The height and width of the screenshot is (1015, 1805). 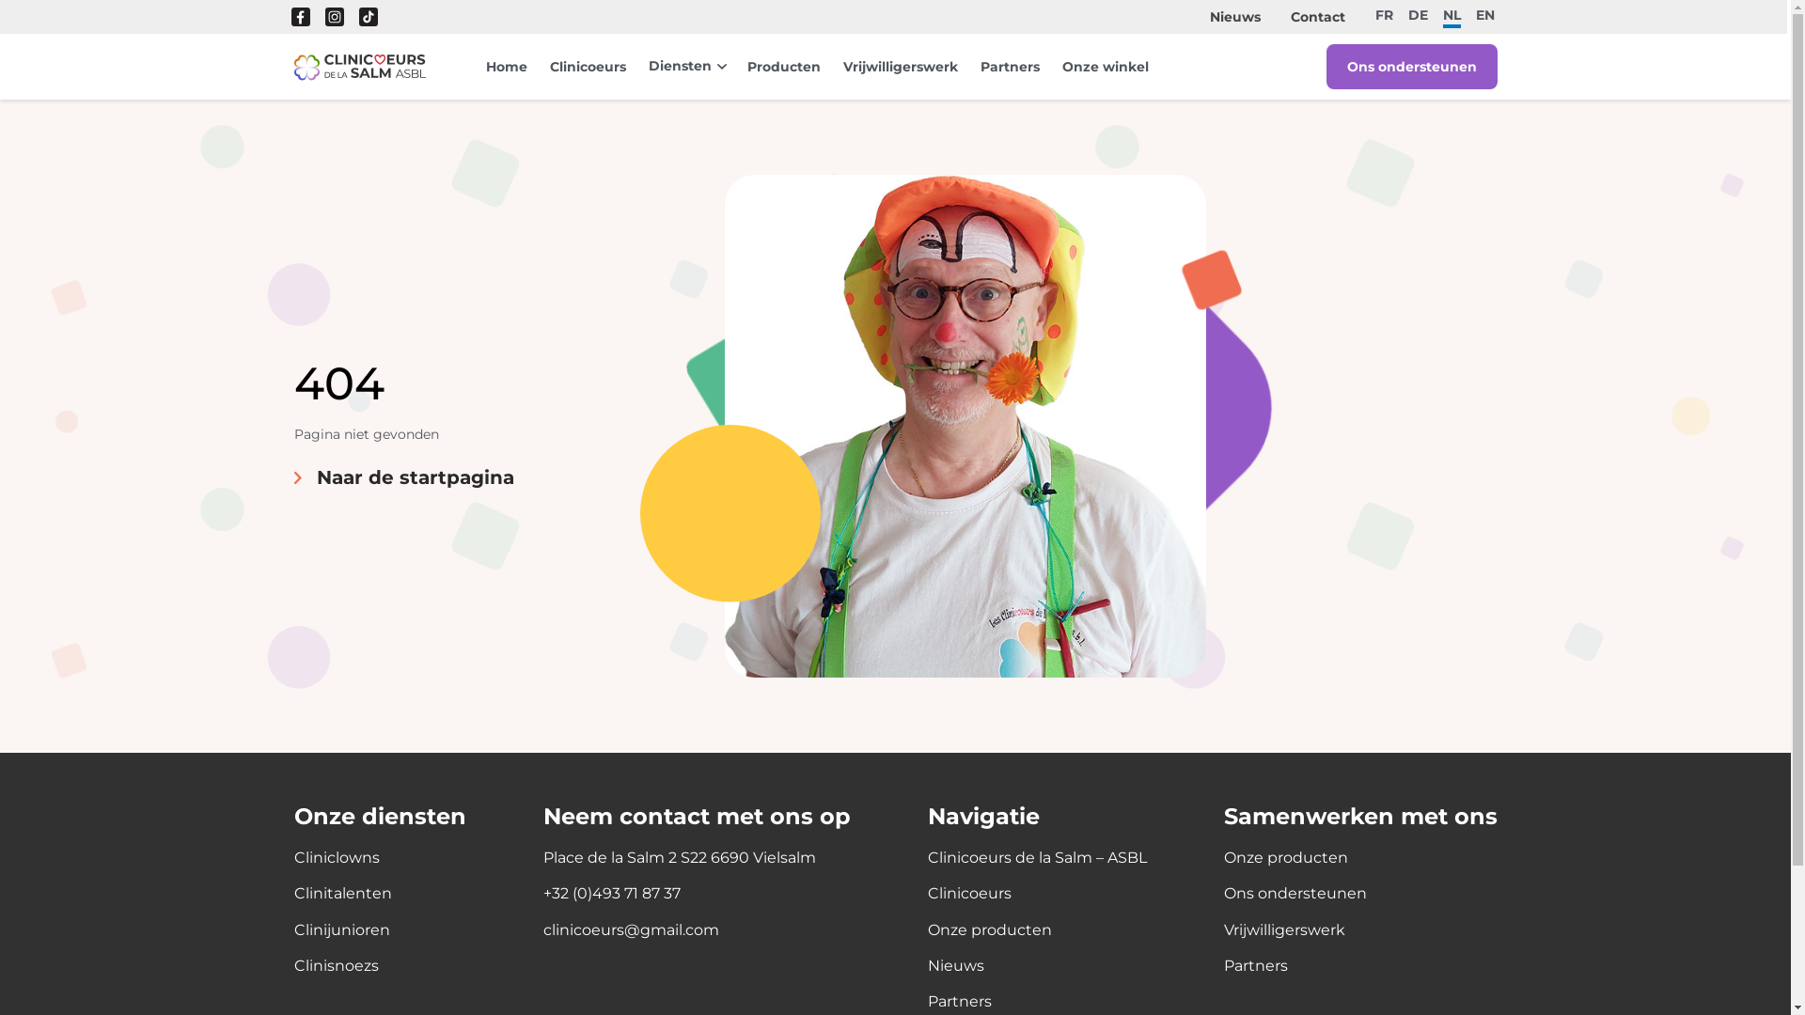 I want to click on 'EN, so click(x=1474, y=14).